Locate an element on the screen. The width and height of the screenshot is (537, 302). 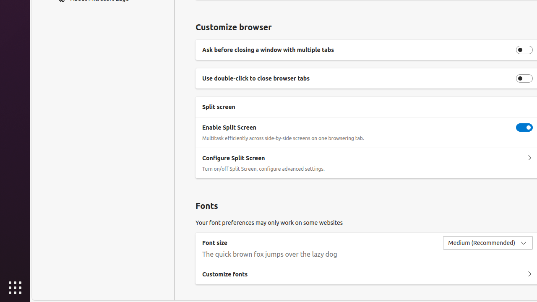
'Font size Medium (Recommended)' is located at coordinates (488, 243).